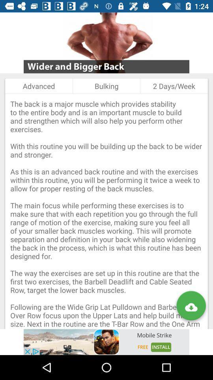  Describe the element at coordinates (106, 342) in the screenshot. I see `item below the back is item` at that location.